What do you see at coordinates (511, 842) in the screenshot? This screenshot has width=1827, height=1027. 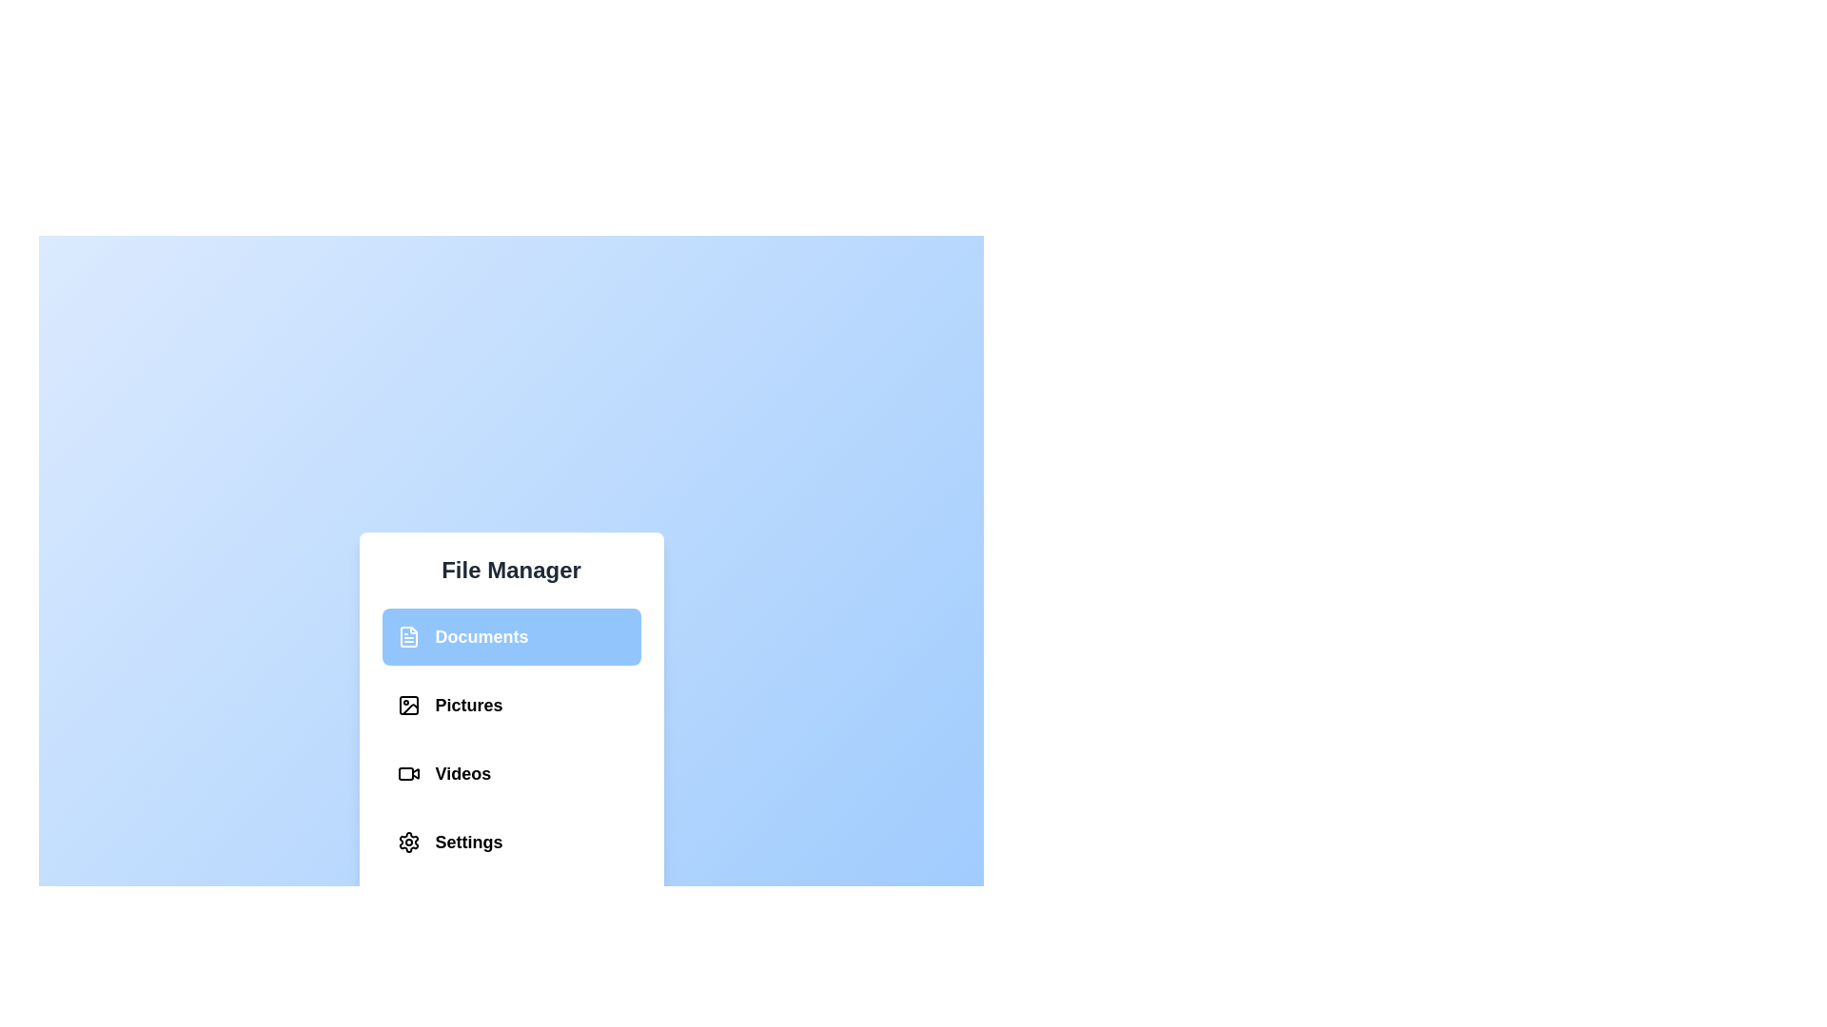 I see `the section Settings from the list` at bounding box center [511, 842].